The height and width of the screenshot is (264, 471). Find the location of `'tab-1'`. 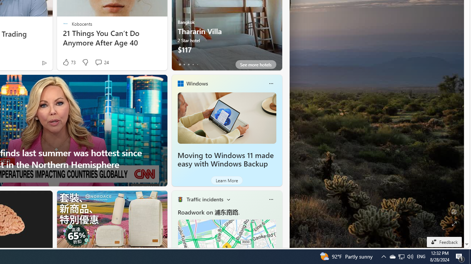

'tab-1' is located at coordinates (184, 64).